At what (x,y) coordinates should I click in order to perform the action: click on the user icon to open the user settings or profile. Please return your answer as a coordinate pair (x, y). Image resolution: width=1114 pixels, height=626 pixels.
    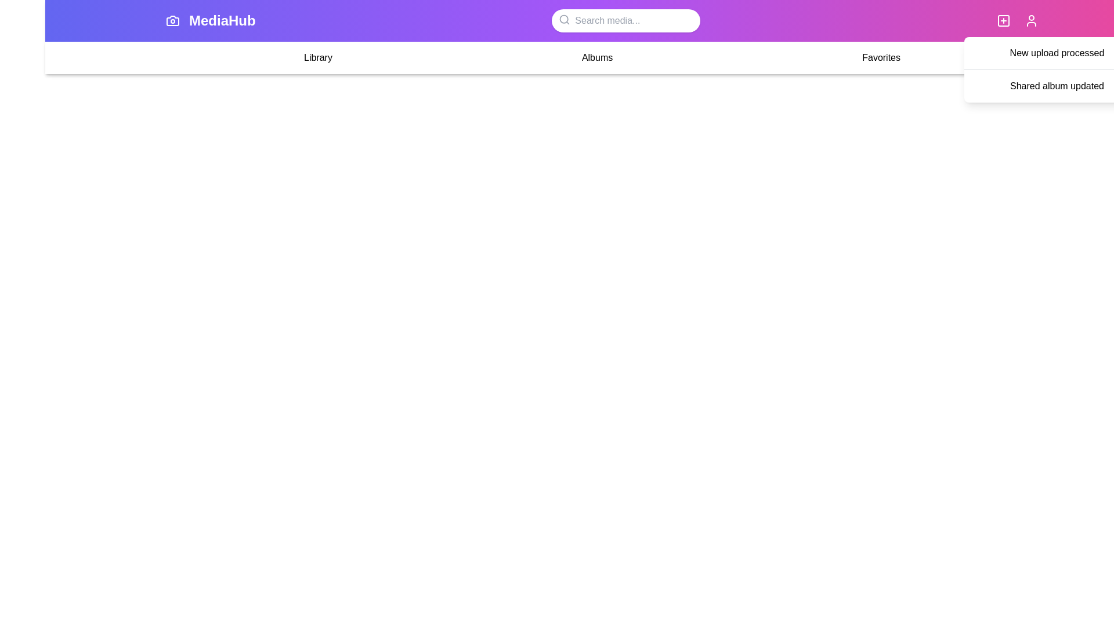
    Looking at the image, I should click on (1031, 20).